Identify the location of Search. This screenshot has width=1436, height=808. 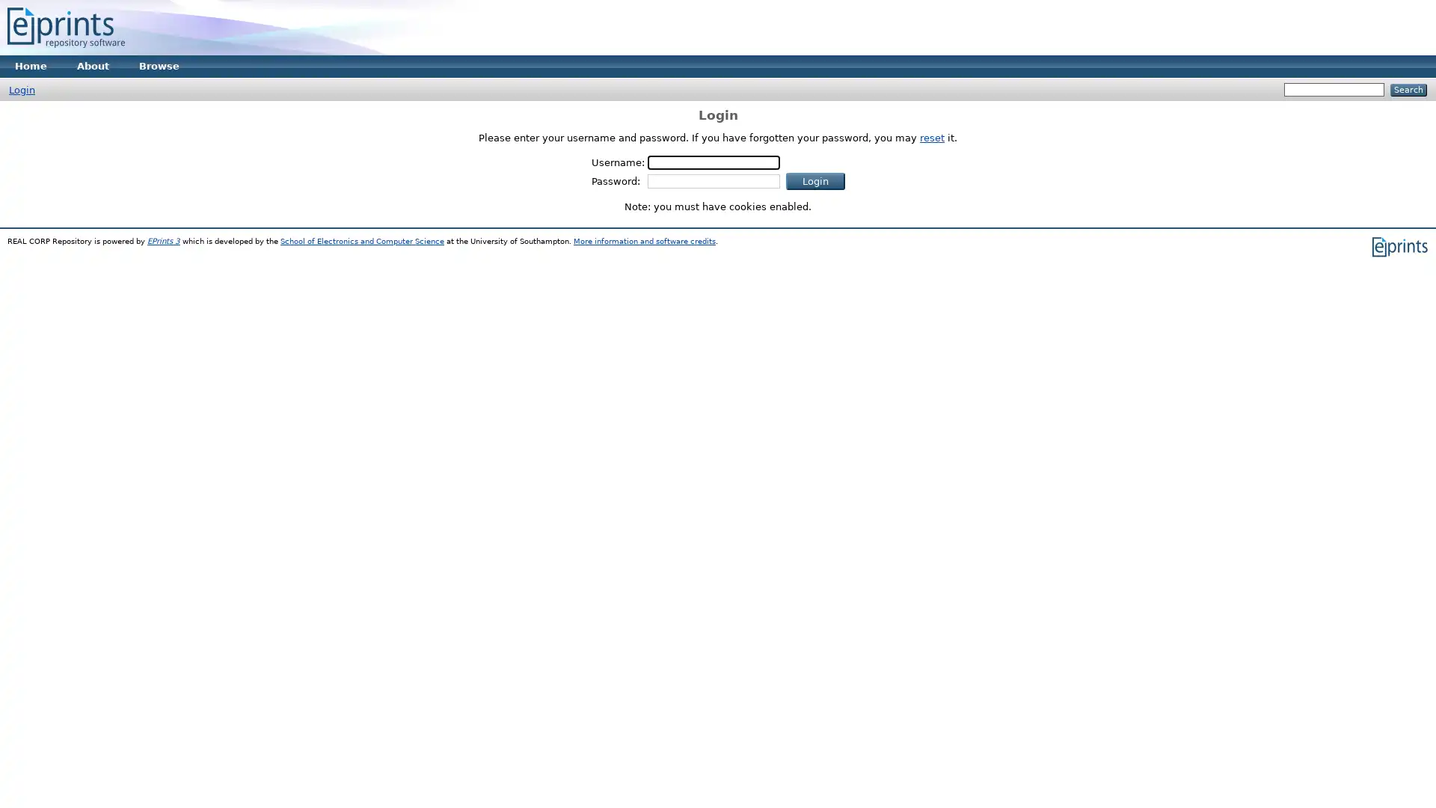
(1408, 90).